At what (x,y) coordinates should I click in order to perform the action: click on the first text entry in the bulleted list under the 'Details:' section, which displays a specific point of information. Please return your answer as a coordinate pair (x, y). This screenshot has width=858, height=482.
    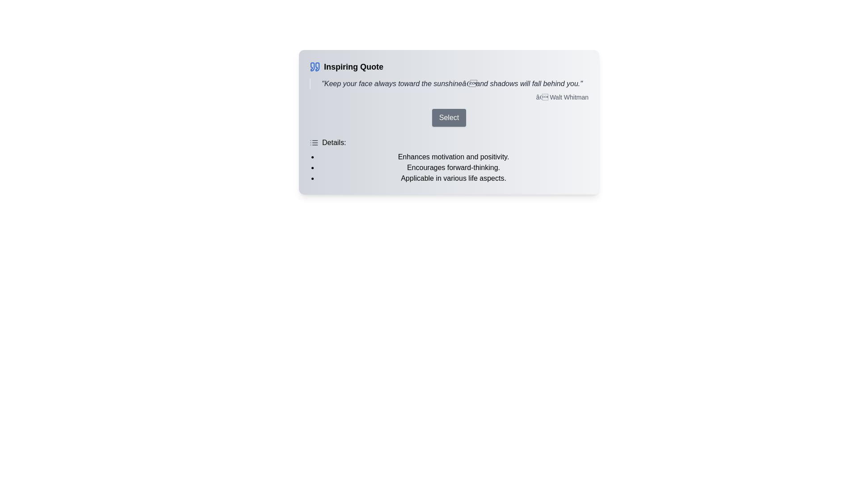
    Looking at the image, I should click on (453, 156).